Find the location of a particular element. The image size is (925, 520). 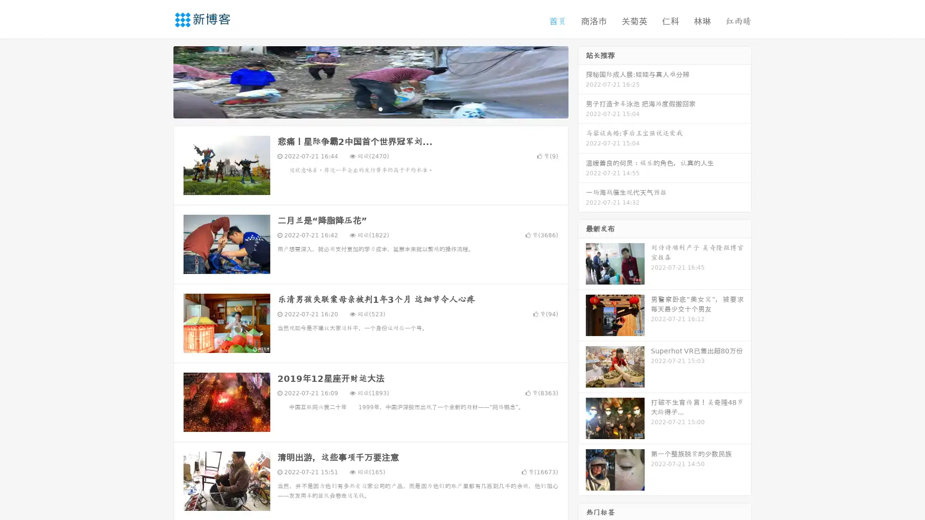

Go to slide 1 is located at coordinates (360, 108).